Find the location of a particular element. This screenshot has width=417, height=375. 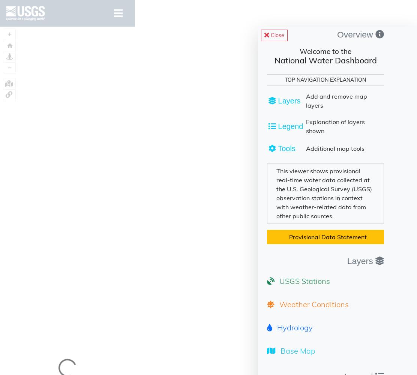

'Hydrology' is located at coordinates (293, 327).